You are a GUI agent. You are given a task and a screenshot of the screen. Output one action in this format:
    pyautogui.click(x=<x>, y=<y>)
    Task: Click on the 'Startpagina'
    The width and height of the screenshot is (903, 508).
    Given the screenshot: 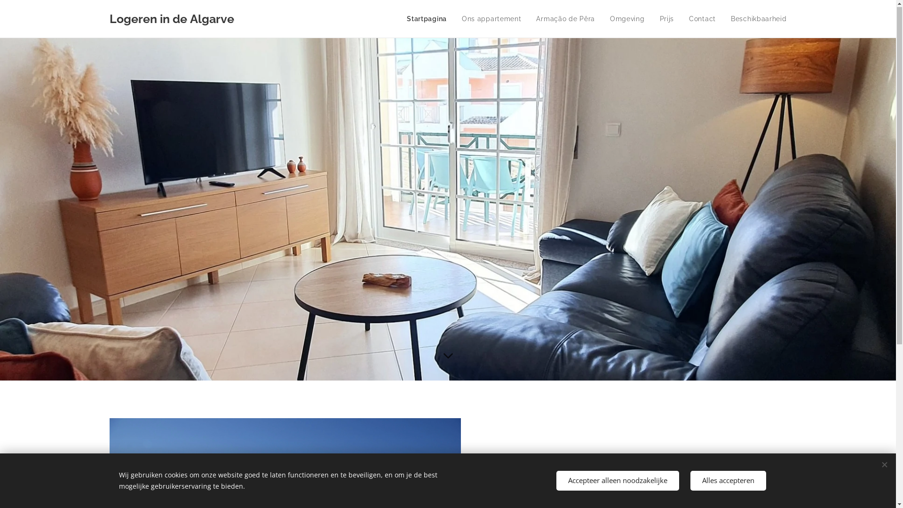 What is the action you would take?
    pyautogui.click(x=428, y=19)
    